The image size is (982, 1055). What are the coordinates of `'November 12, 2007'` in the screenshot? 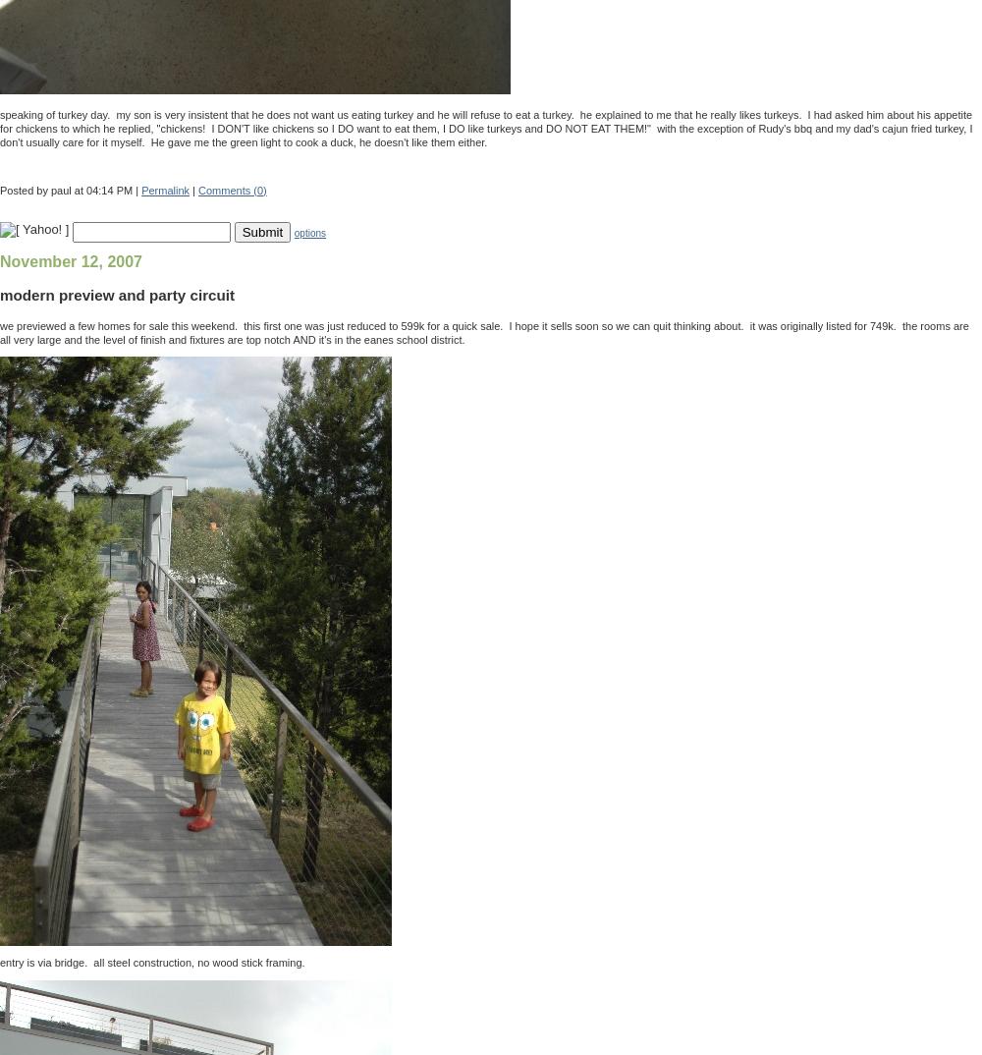 It's located at (70, 260).